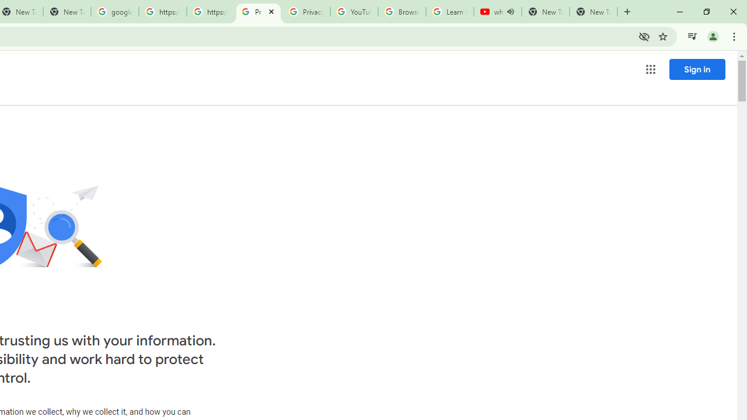  I want to click on 'Mute tab', so click(510, 12).